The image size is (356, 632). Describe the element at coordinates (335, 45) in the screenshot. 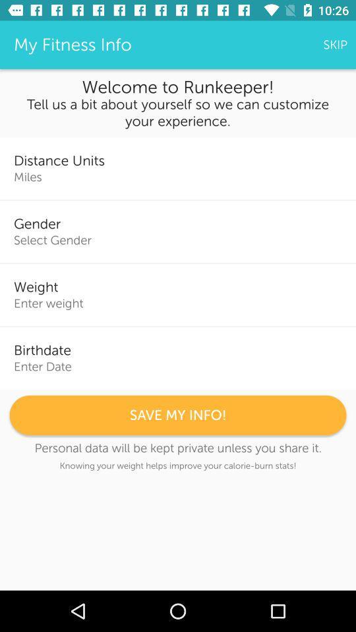

I see `the skip item` at that location.